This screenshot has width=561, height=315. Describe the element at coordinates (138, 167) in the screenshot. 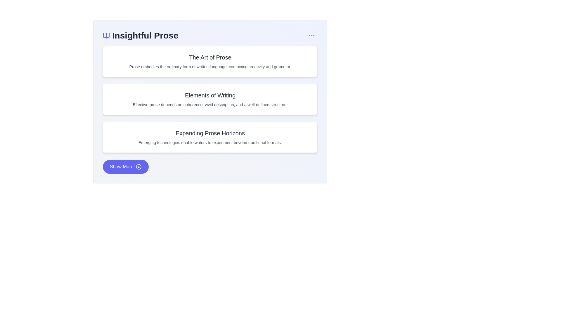

I see `the circular outline icon with a downward pointing arrow, located in the bottom right portion of the interface next to the 'Show More' button` at that location.